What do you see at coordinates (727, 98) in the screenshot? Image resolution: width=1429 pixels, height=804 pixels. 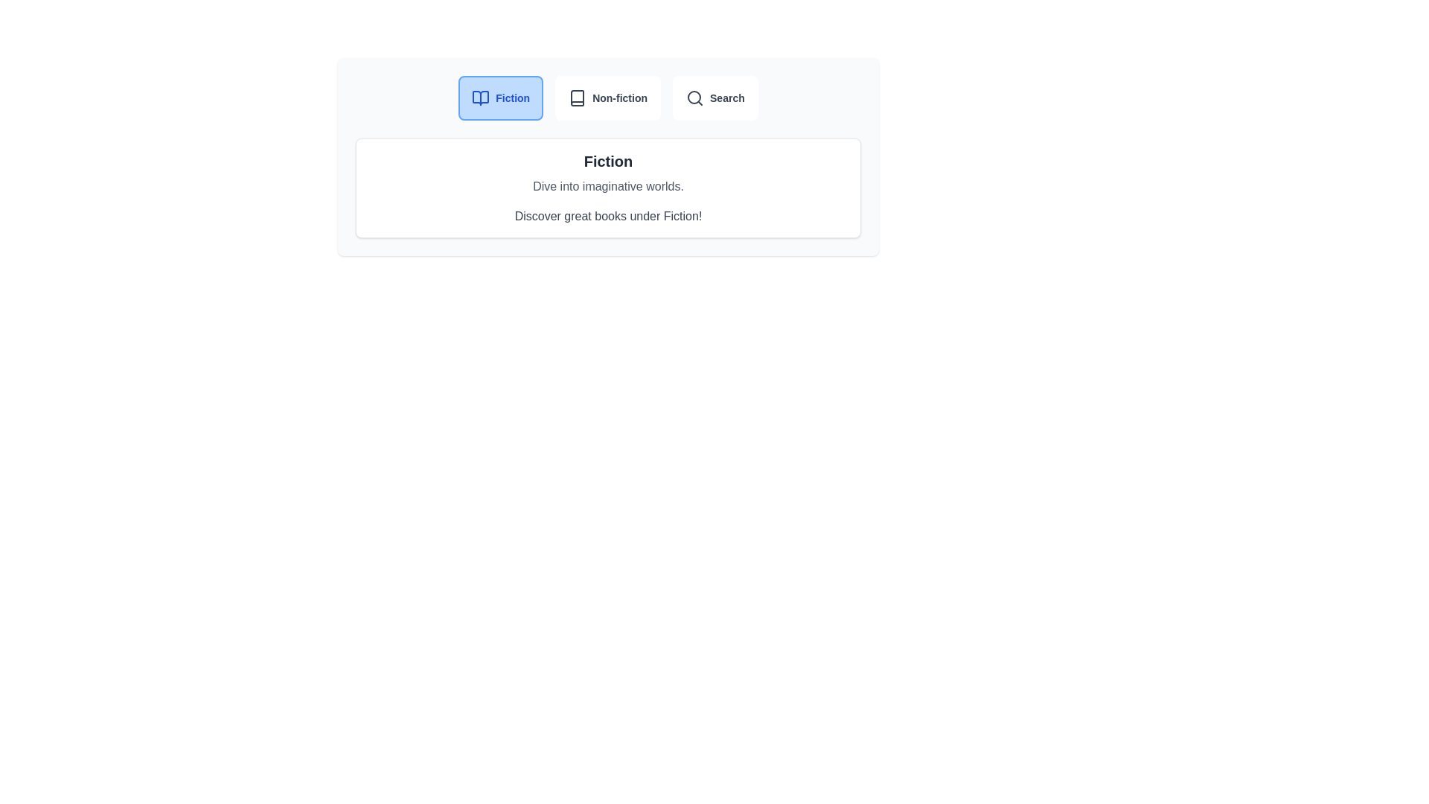 I see `the 'Search' text label located in the upper right corner of the navigation bar` at bounding box center [727, 98].